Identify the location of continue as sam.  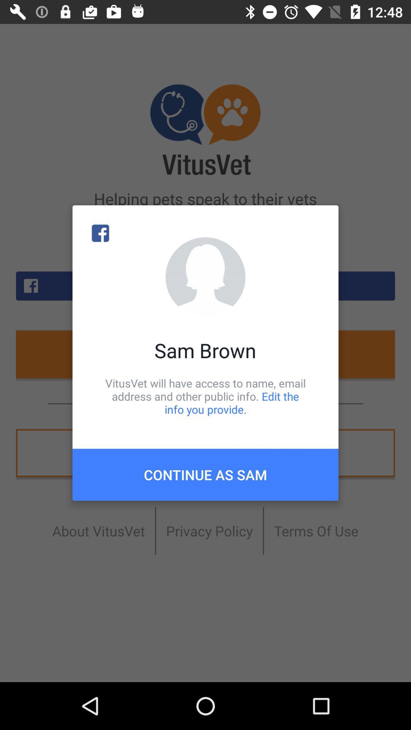
(205, 474).